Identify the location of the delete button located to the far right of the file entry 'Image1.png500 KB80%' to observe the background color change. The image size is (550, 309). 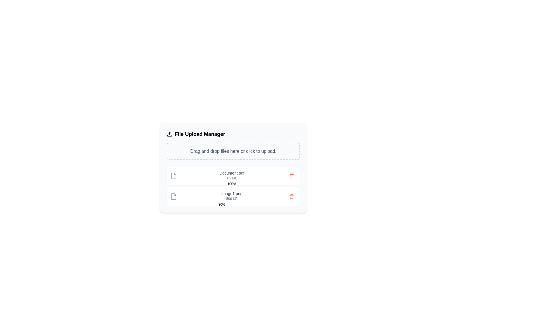
(291, 196).